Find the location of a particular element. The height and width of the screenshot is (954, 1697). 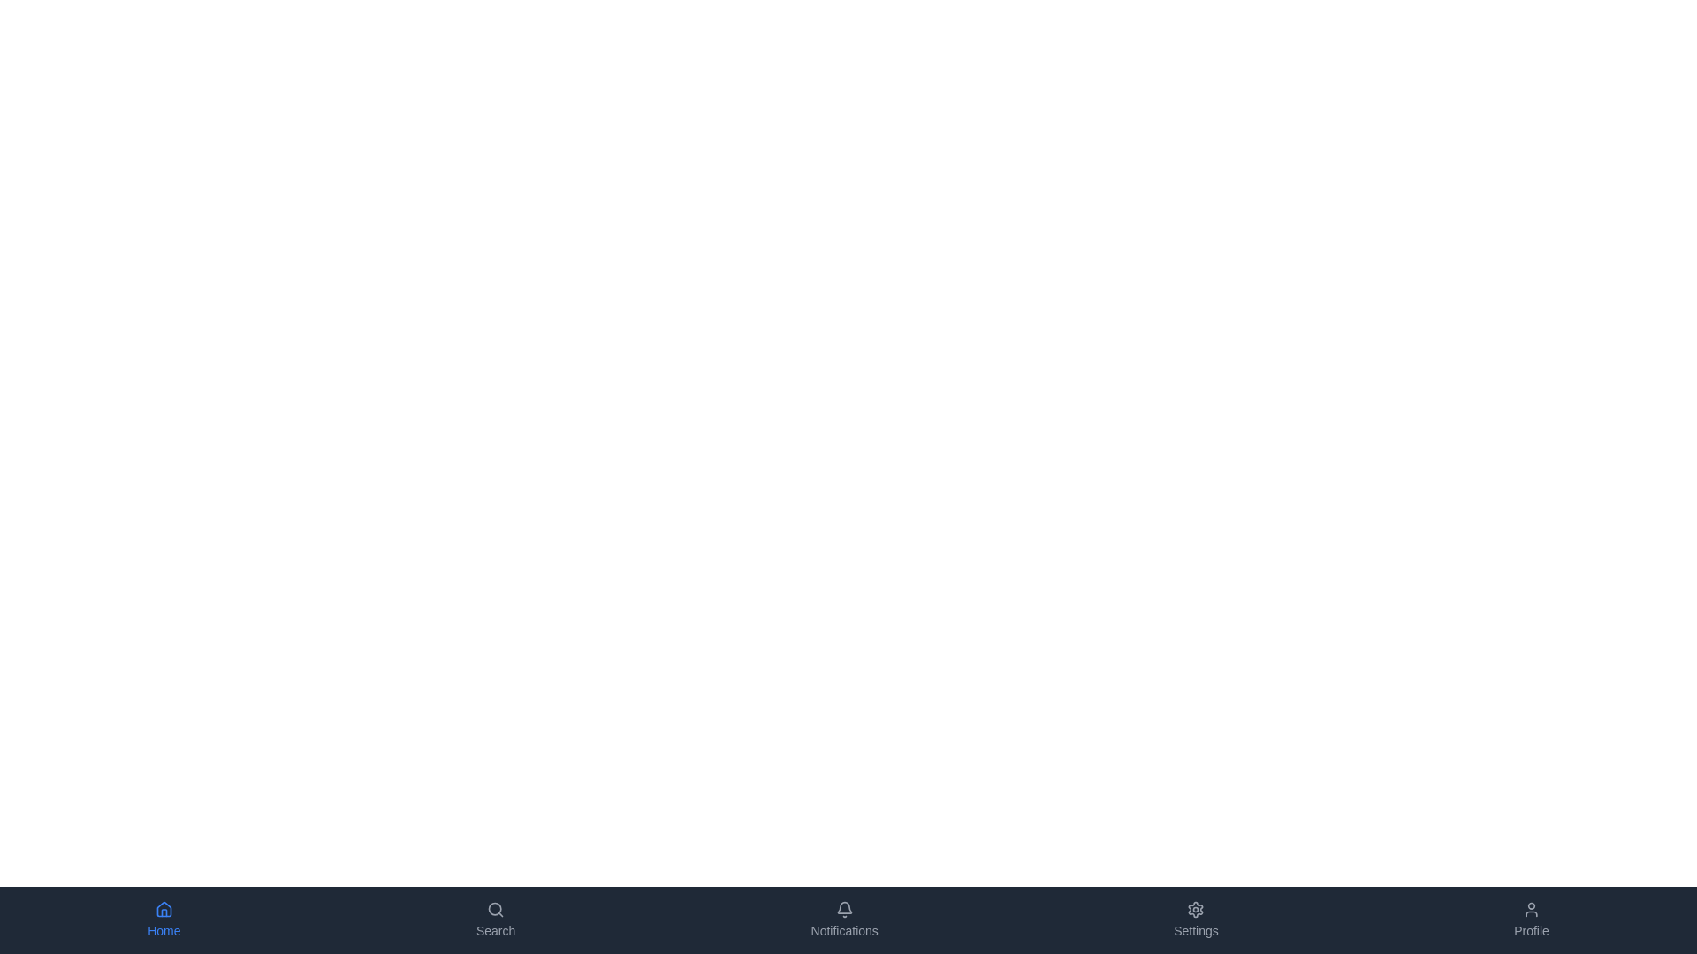

the 'Home' button located at the bottom-left of the navigation bar is located at coordinates (164, 919).